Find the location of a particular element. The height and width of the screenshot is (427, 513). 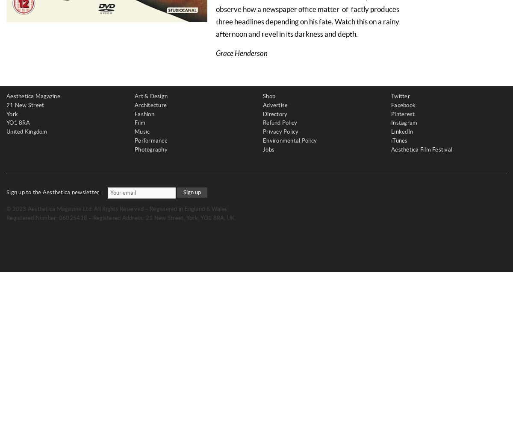

'United Kingdom' is located at coordinates (27, 132).